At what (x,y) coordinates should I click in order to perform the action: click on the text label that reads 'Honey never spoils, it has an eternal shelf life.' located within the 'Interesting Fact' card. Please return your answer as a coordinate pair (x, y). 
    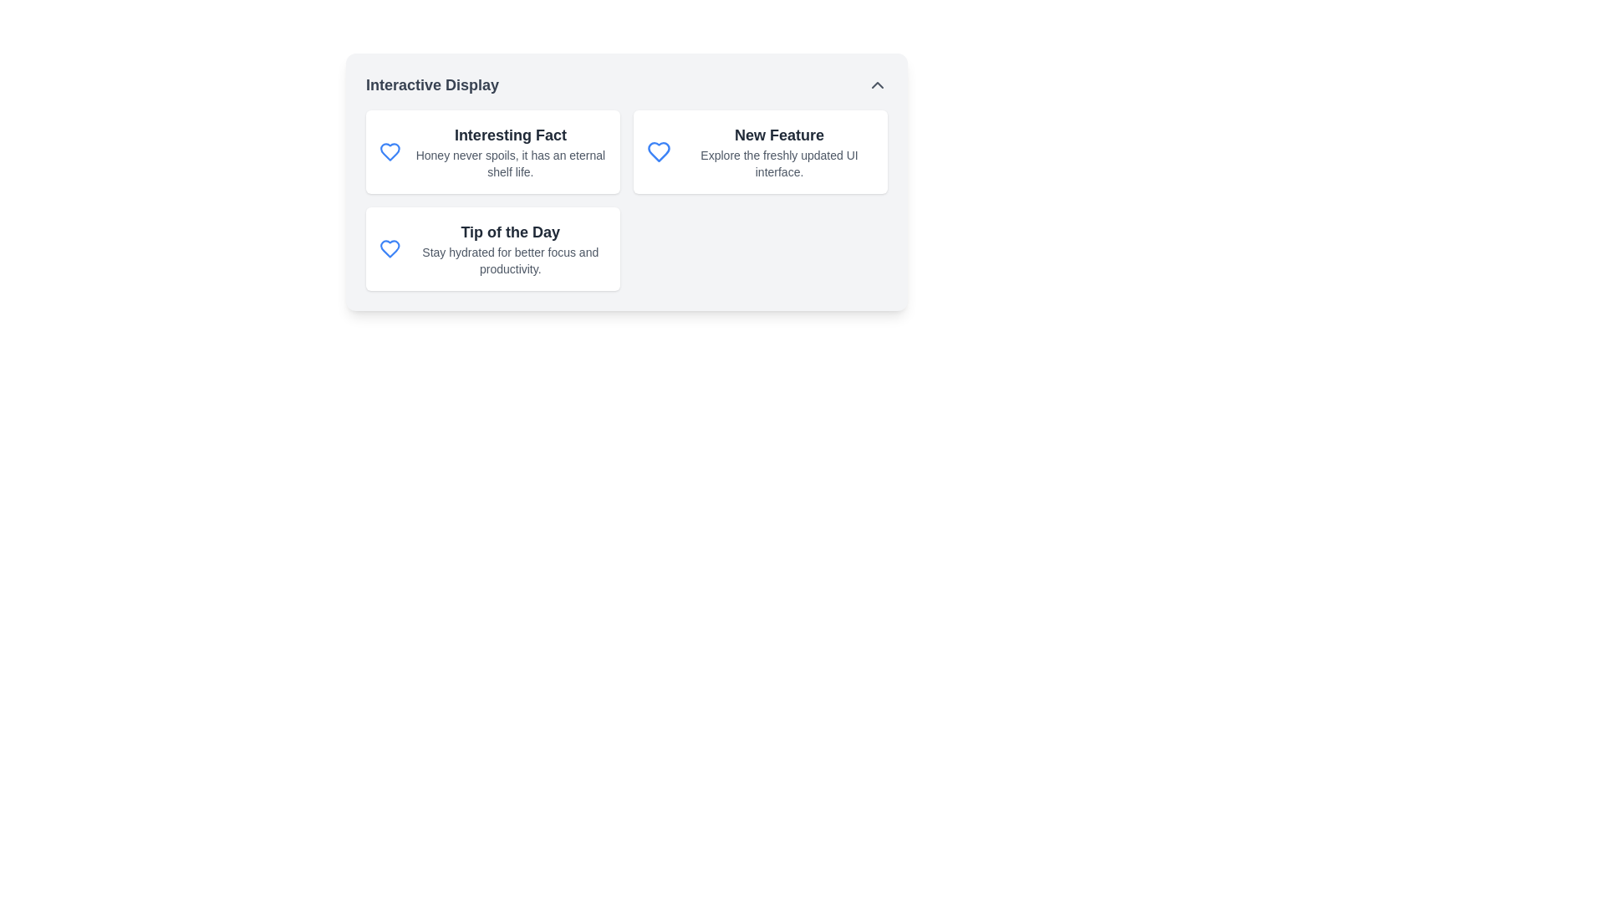
    Looking at the image, I should click on (509, 164).